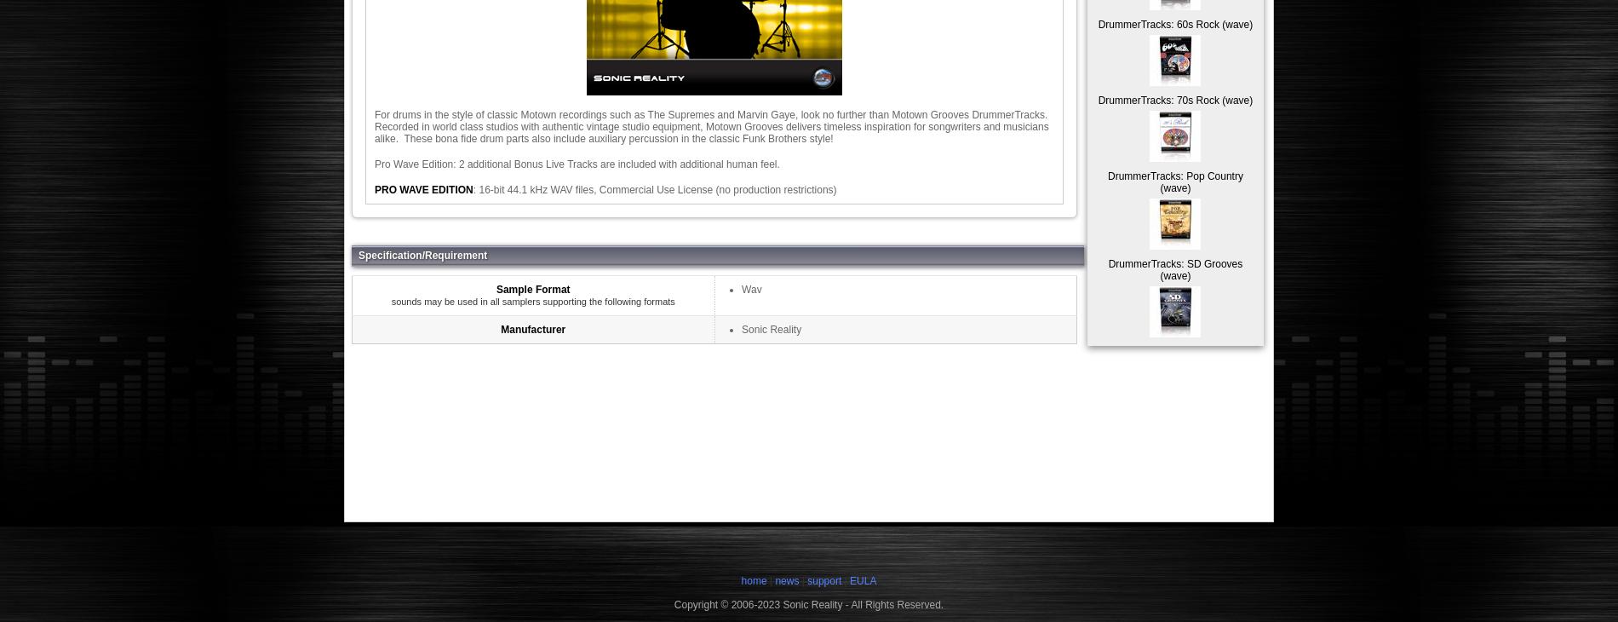  I want to click on 'Manufacturer', so click(533, 328).